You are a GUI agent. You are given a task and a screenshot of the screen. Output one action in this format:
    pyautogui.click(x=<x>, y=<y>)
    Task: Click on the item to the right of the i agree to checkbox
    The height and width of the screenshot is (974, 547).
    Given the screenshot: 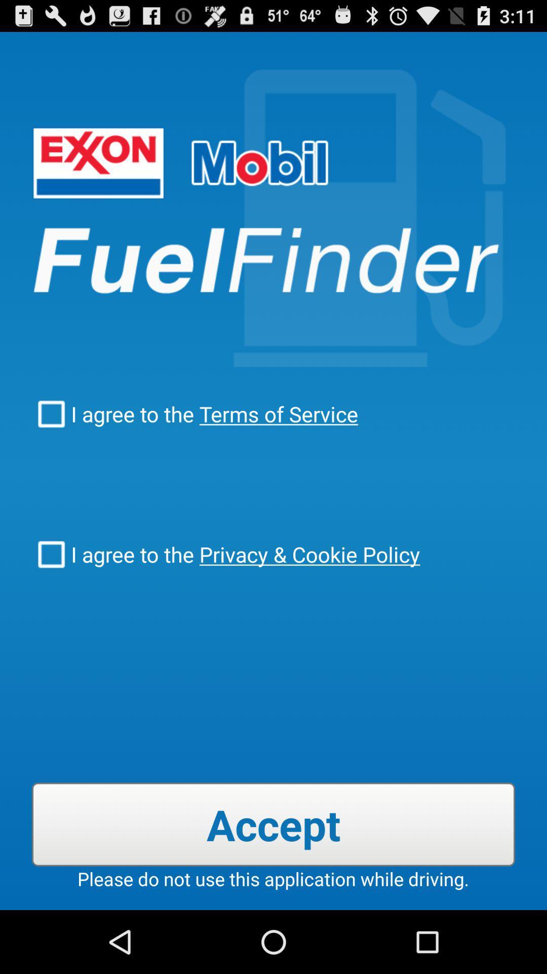 What is the action you would take?
    pyautogui.click(x=306, y=553)
    